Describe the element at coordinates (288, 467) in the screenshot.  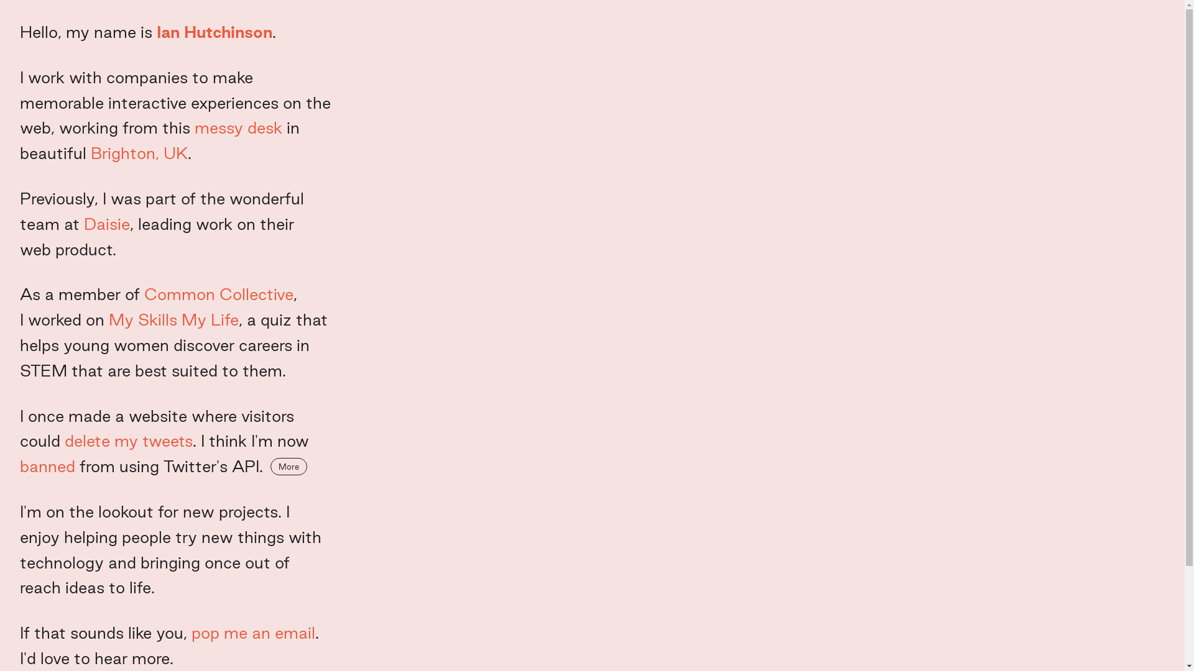
I see `'More'` at that location.